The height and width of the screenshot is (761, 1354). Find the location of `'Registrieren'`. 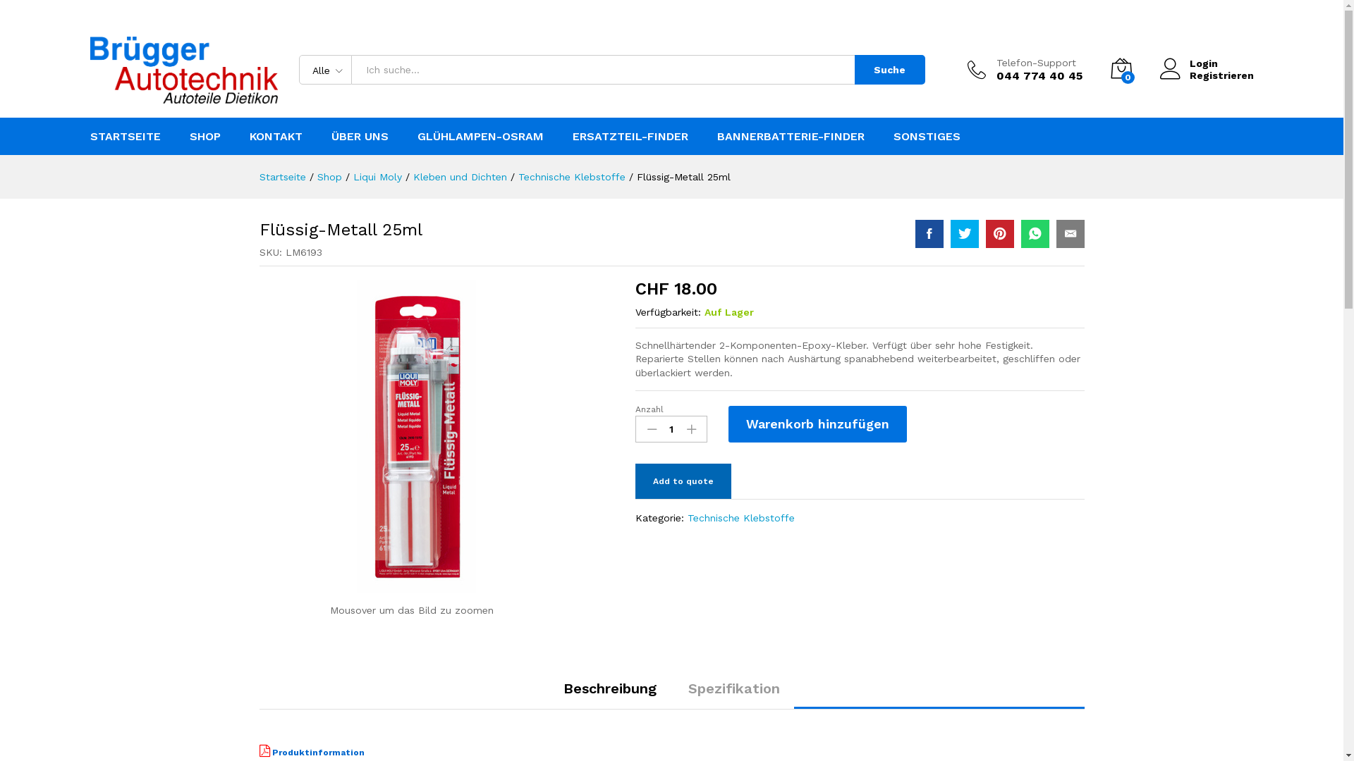

'Registrieren' is located at coordinates (1205, 75).